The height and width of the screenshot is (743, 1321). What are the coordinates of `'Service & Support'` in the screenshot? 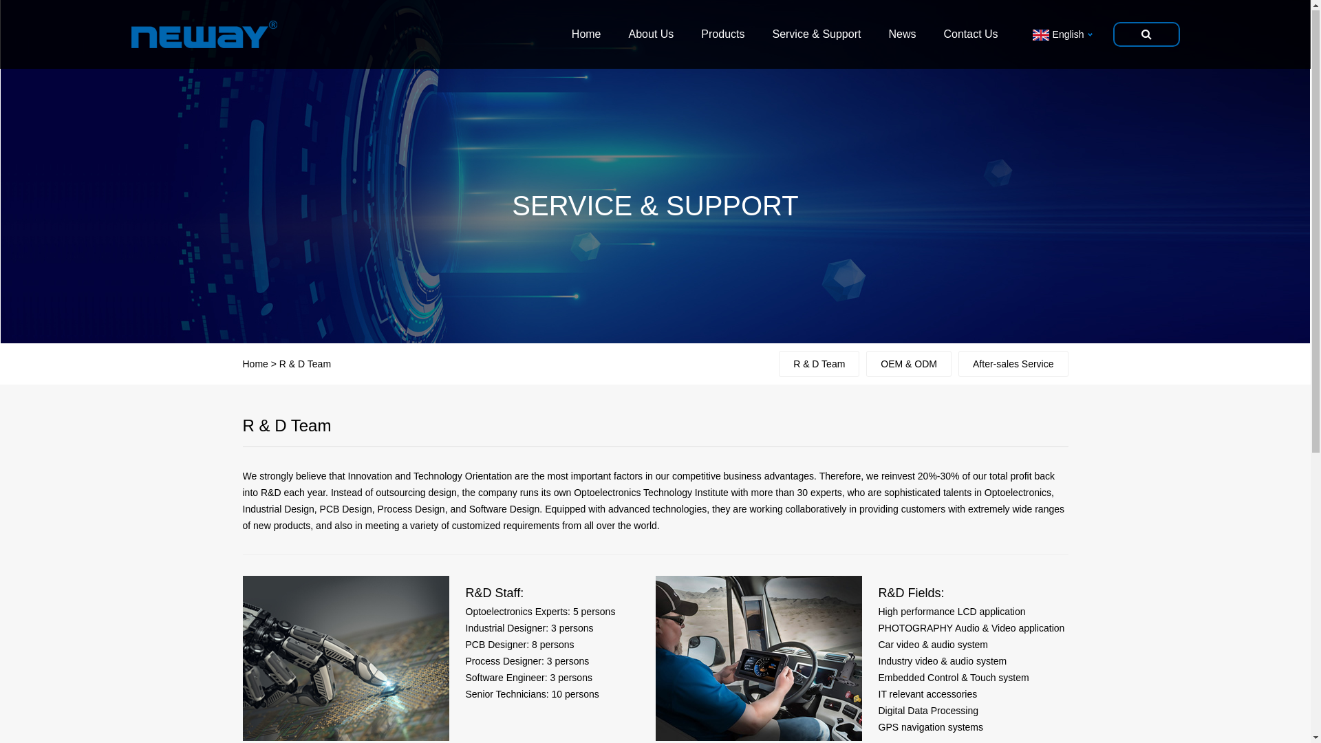 It's located at (816, 34).